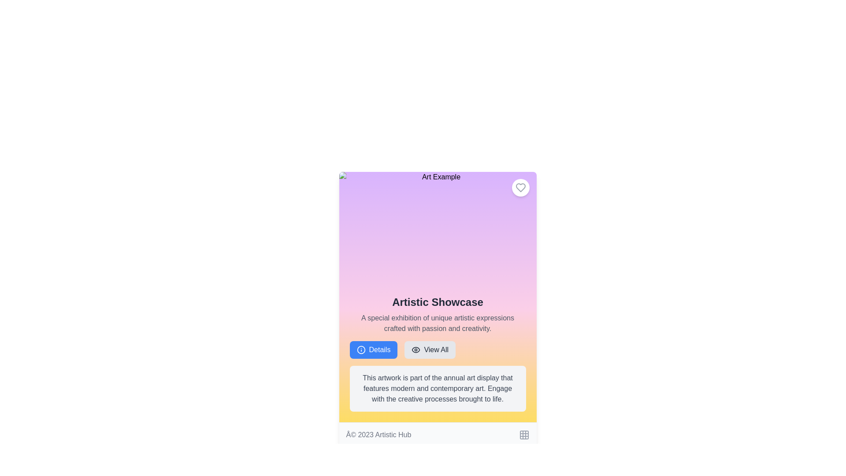 This screenshot has height=476, width=846. What do you see at coordinates (361, 350) in the screenshot?
I see `the information icon within the blue 'Details' button` at bounding box center [361, 350].